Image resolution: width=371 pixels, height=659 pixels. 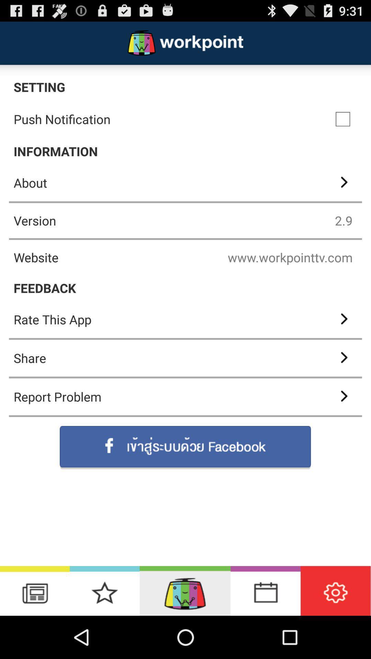 I want to click on news, so click(x=35, y=590).